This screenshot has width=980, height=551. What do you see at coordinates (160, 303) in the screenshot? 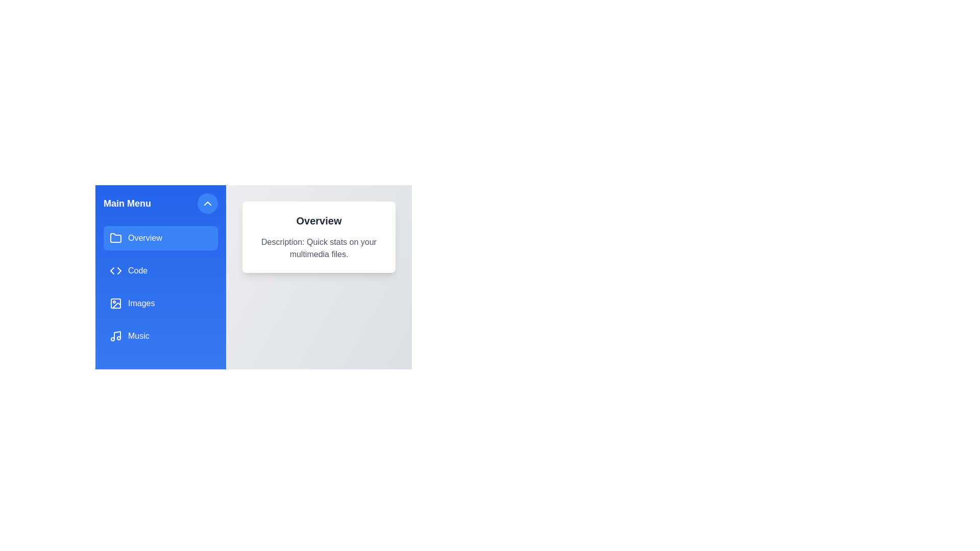
I see `the 'Images' navigational button located in the sidebar menu, which is the third item in the vertical list` at bounding box center [160, 303].